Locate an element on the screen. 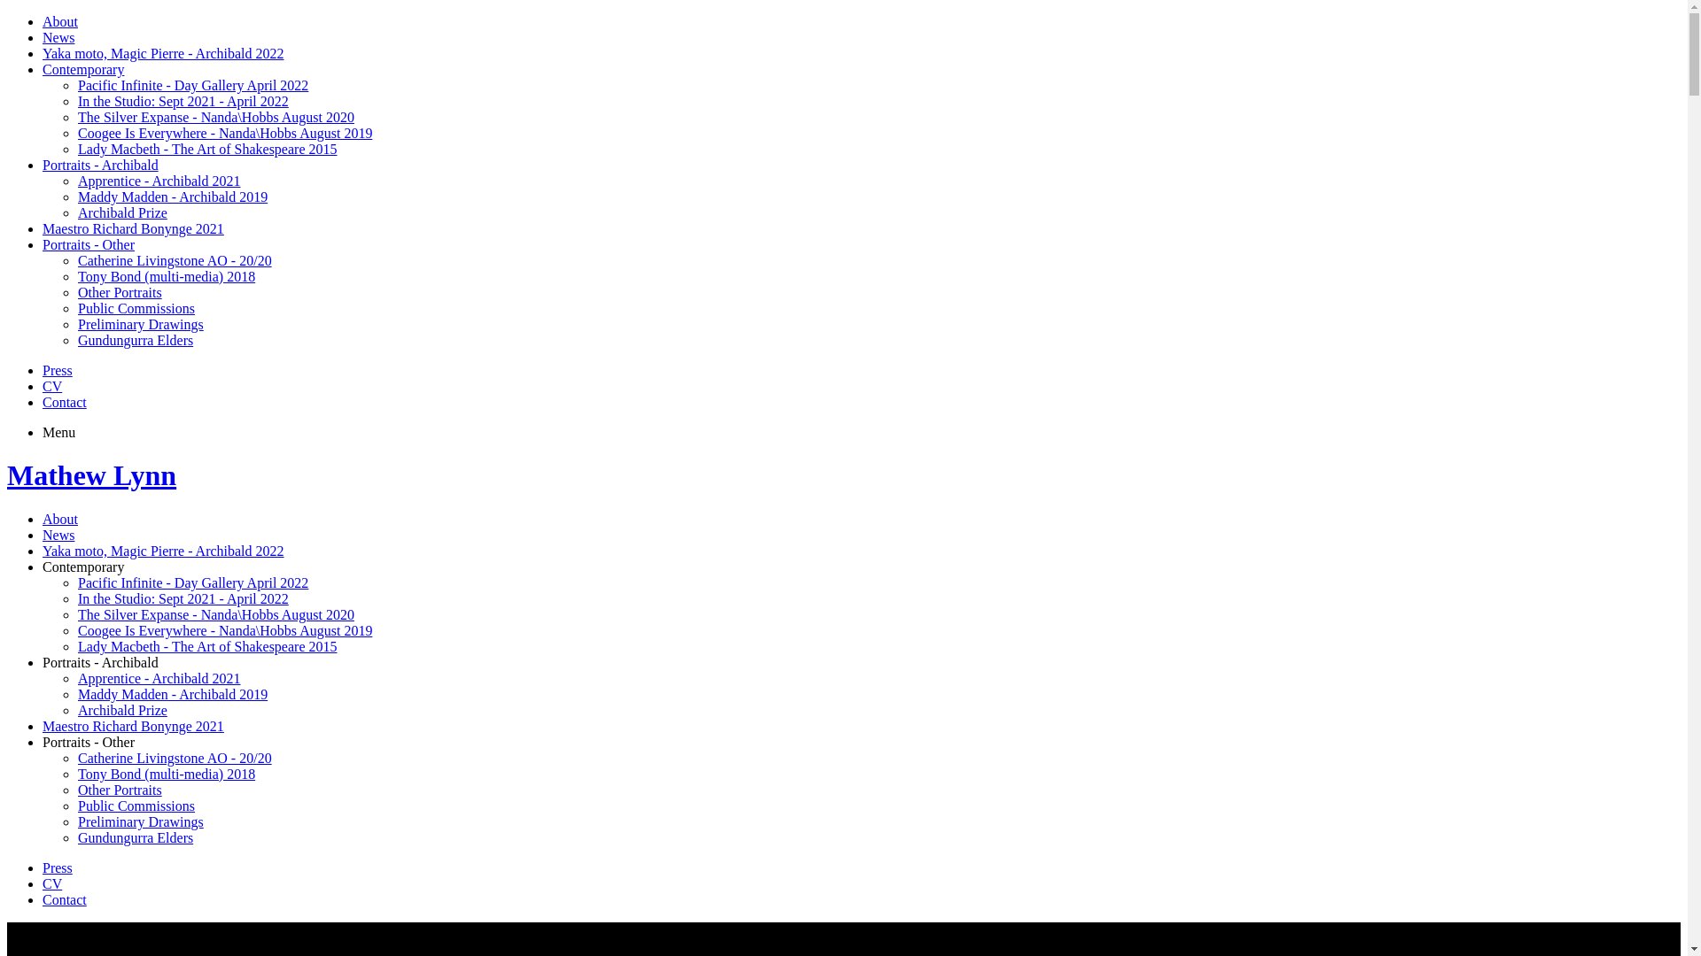 This screenshot has width=1701, height=956. 'Preliminary Drawings' is located at coordinates (139, 821).